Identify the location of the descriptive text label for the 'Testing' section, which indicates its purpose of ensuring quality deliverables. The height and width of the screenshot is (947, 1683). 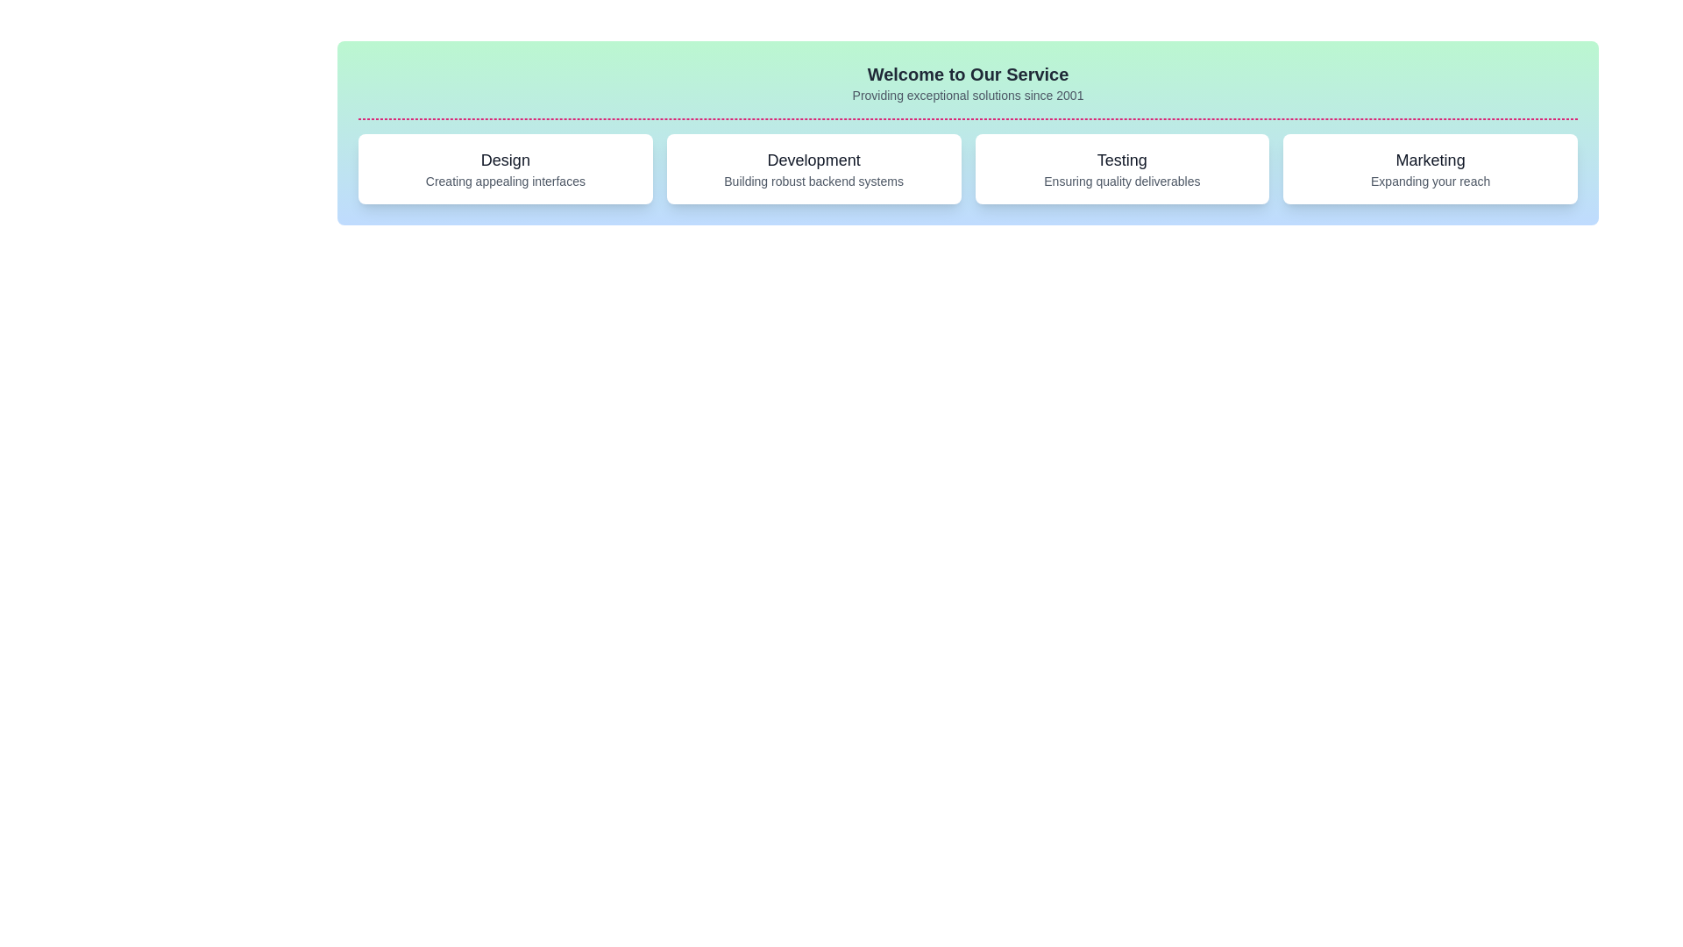
(1122, 182).